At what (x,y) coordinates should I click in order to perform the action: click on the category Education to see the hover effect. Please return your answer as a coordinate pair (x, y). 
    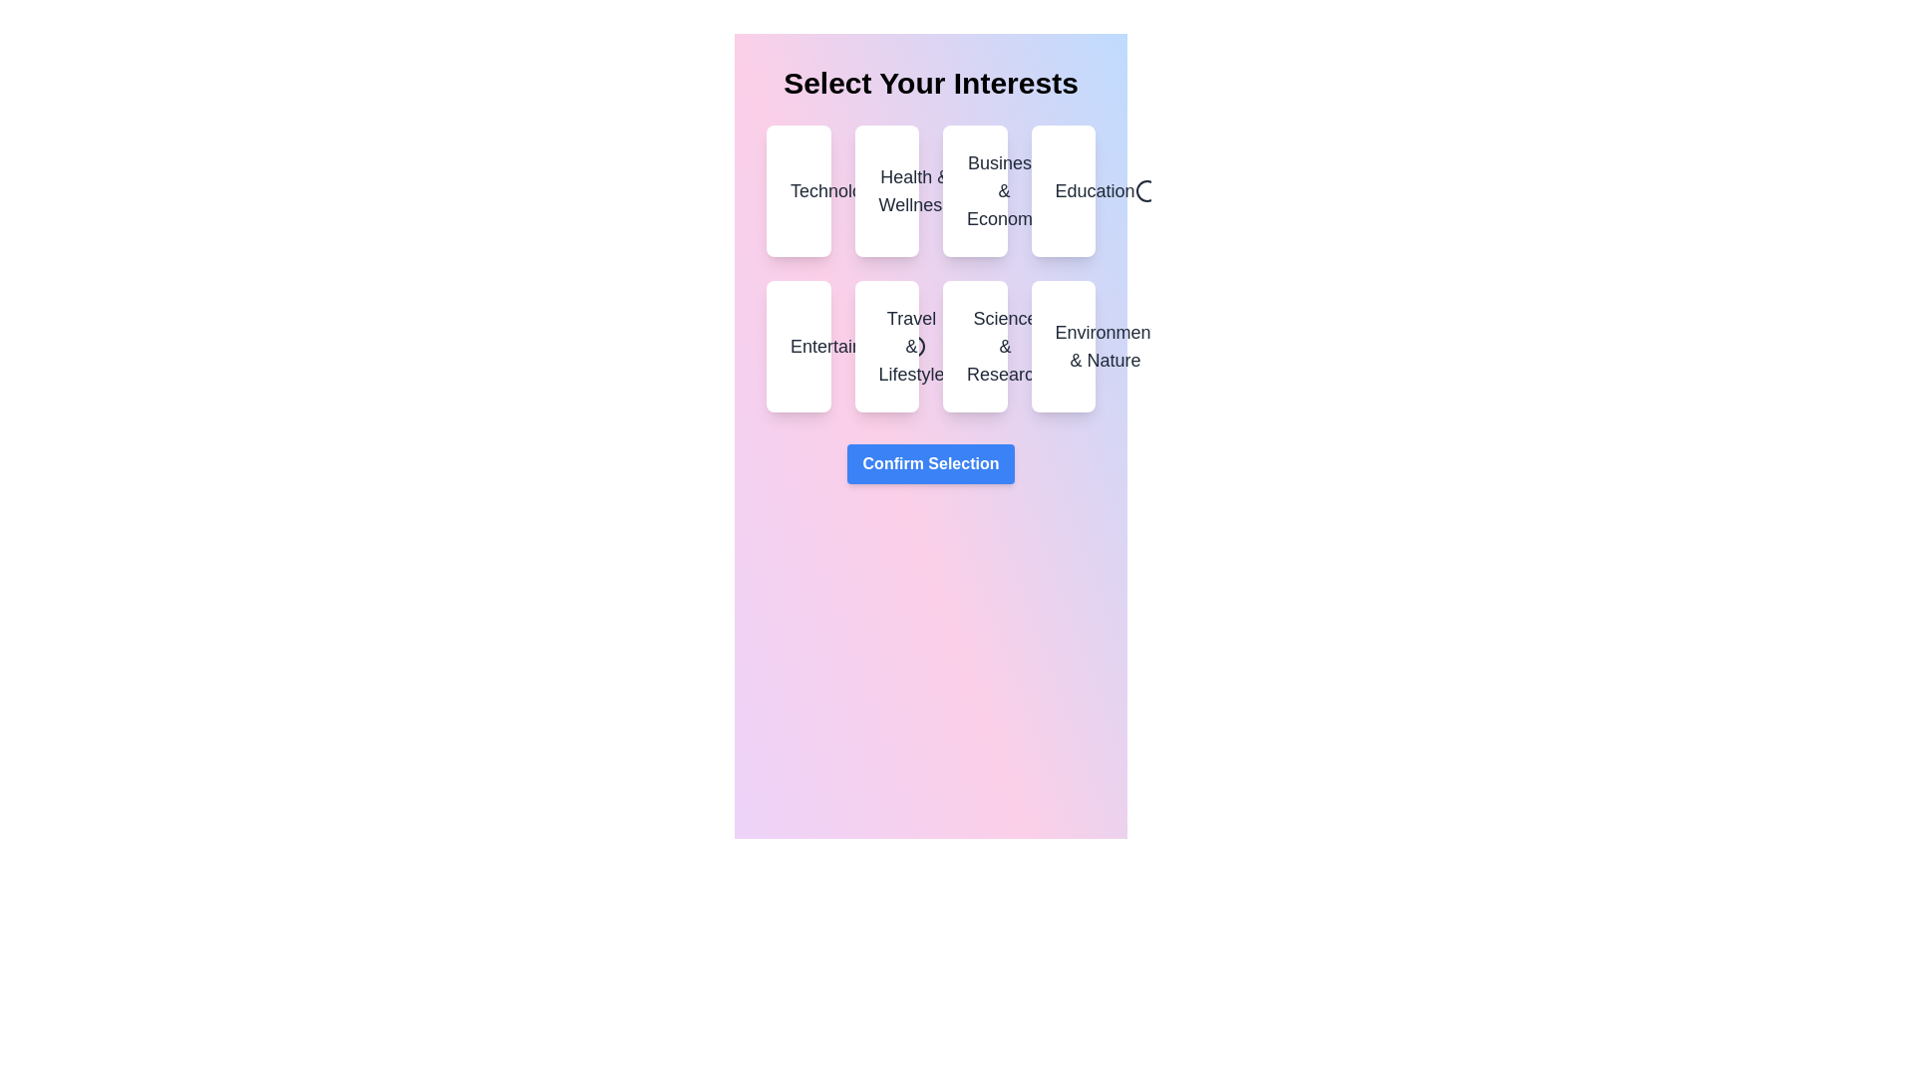
    Looking at the image, I should click on (1062, 191).